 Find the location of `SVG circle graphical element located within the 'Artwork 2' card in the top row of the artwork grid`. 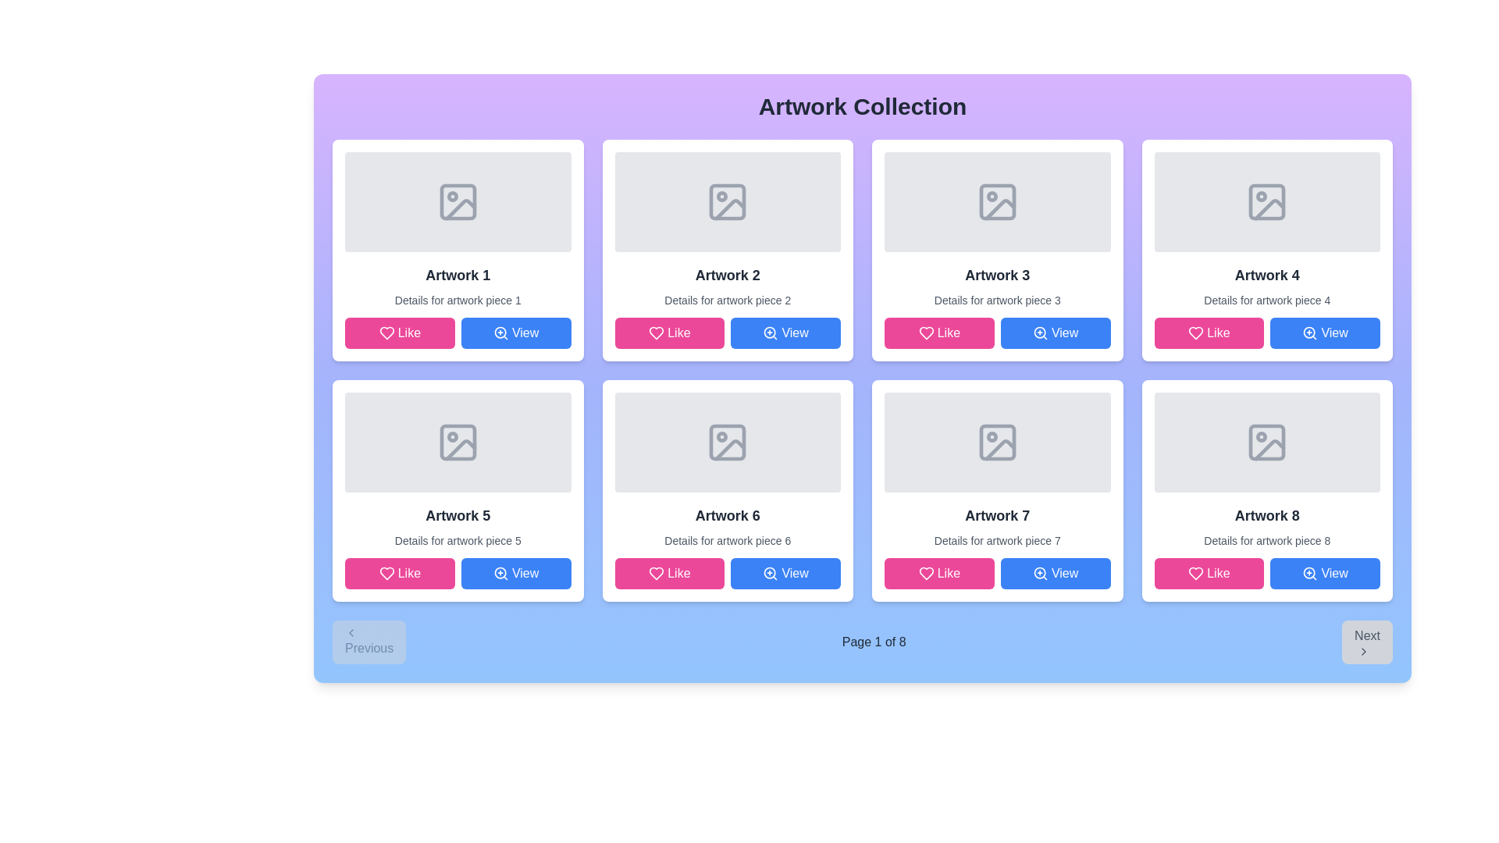

SVG circle graphical element located within the 'Artwork 2' card in the top row of the artwork grid is located at coordinates (721, 195).